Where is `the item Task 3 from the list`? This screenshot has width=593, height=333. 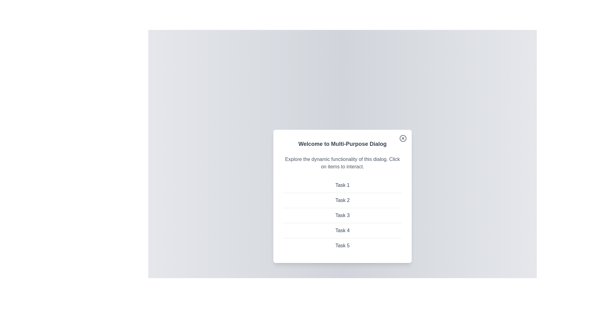
the item Task 3 from the list is located at coordinates (342, 215).